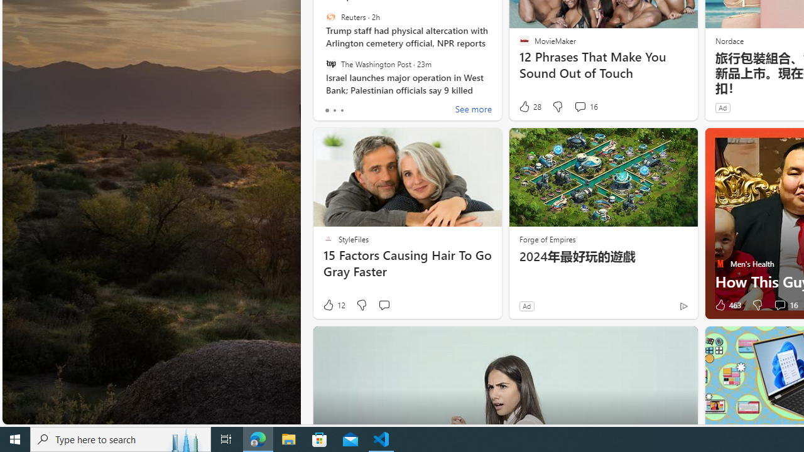  What do you see at coordinates (756, 305) in the screenshot?
I see `'Dislike'` at bounding box center [756, 305].